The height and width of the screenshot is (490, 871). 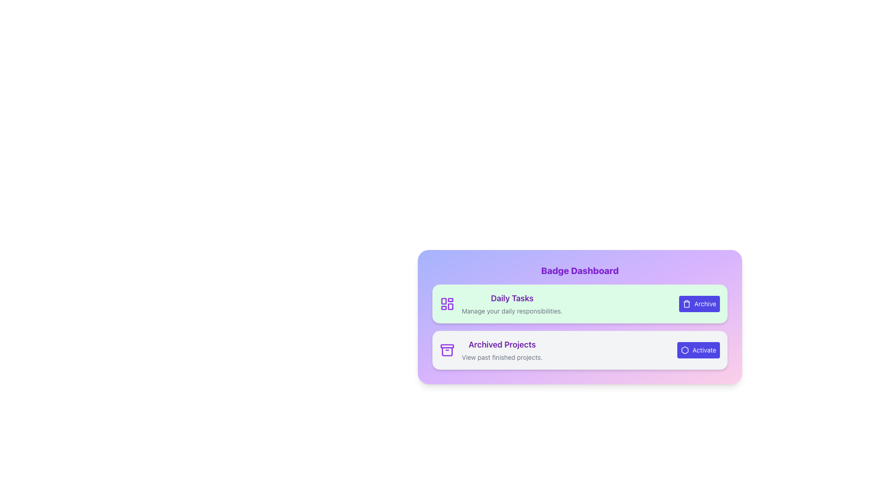 What do you see at coordinates (685, 349) in the screenshot?
I see `the small hexagonal blue icon located in the 'Archived Projects' section of the 'Badge Dashboard', next to the 'Activate' button` at bounding box center [685, 349].